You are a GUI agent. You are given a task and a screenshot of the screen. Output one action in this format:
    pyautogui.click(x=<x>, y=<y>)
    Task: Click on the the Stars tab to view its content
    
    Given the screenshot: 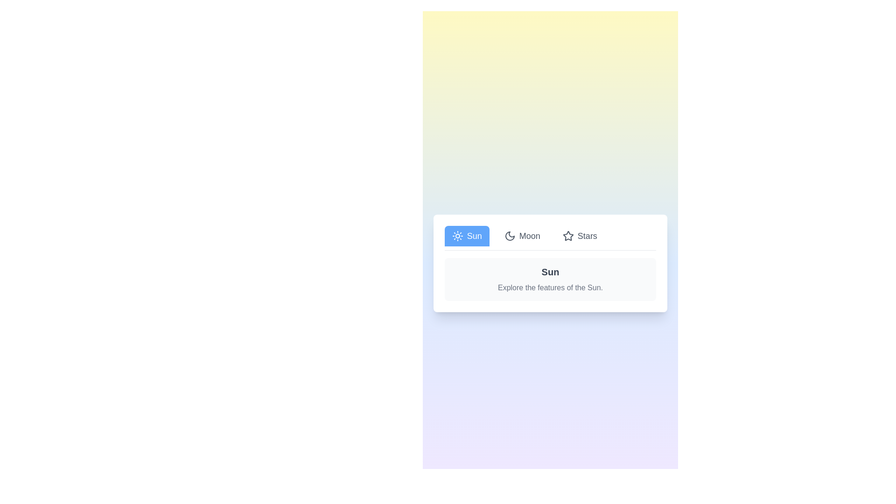 What is the action you would take?
    pyautogui.click(x=579, y=235)
    